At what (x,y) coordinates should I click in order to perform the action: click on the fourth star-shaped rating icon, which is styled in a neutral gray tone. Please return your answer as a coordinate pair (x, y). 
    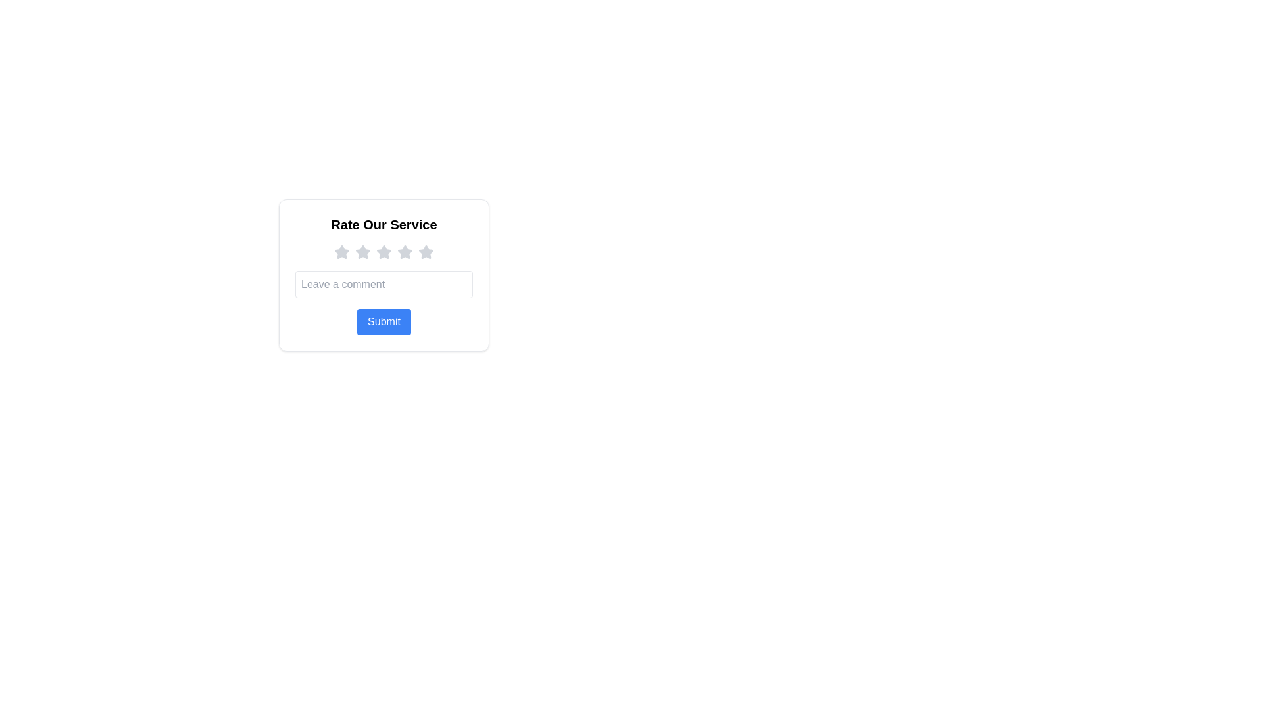
    Looking at the image, I should click on (404, 252).